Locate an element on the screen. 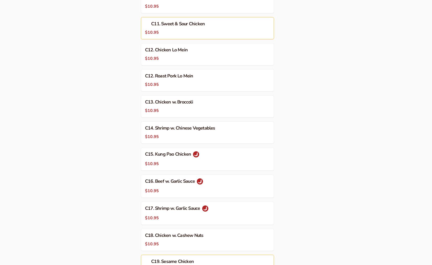  'C11. Sweet & Sour Chicken' is located at coordinates (178, 23).